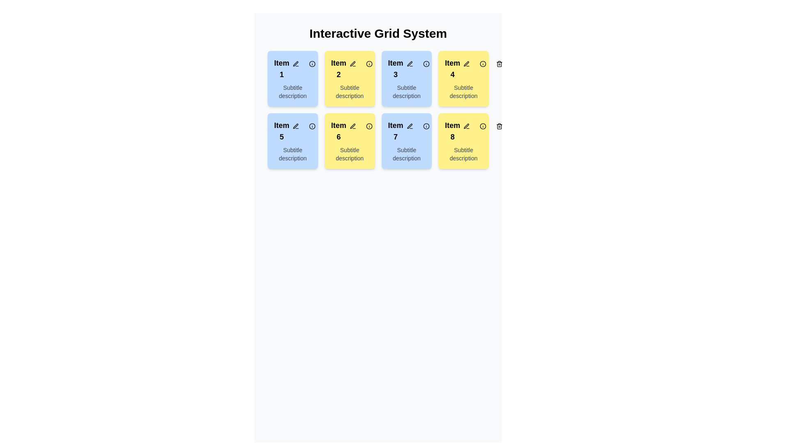  I want to click on the edit button located in the top-right corner of the card labeled 'Item 2', so click(353, 63).